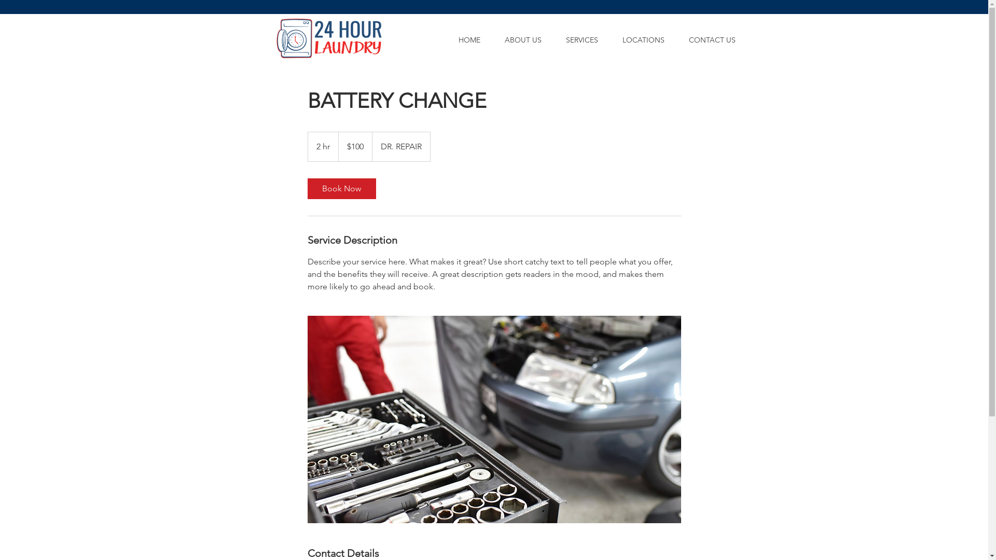  I want to click on 'ABOUT US', so click(523, 39).